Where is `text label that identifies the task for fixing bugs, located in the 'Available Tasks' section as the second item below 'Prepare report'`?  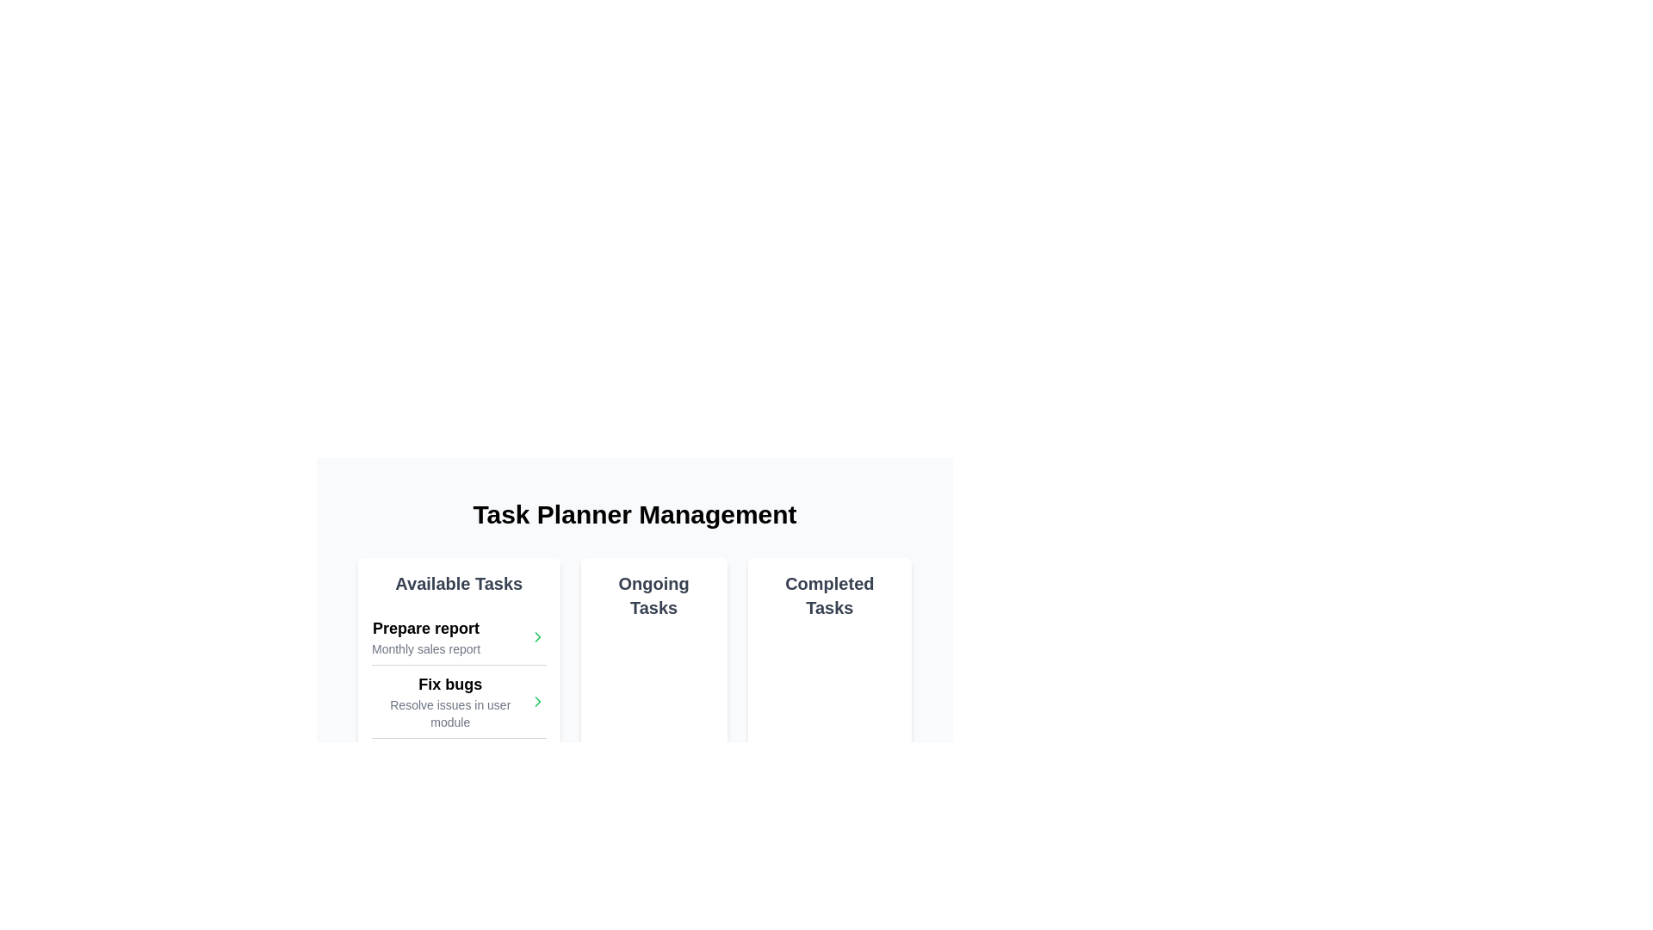 text label that identifies the task for fixing bugs, located in the 'Available Tasks' section as the second item below 'Prepare report' is located at coordinates (450, 683).